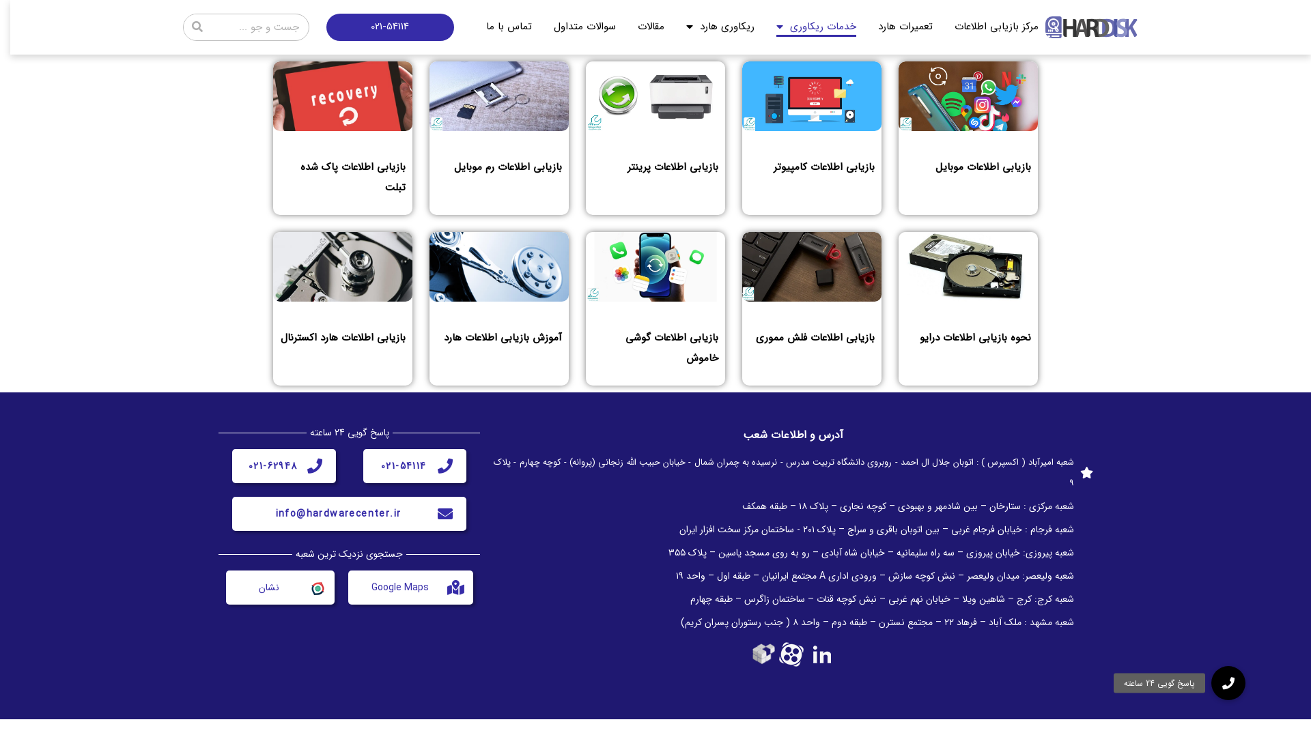  I want to click on 'info@hardwarecenter.ir', so click(338, 513).